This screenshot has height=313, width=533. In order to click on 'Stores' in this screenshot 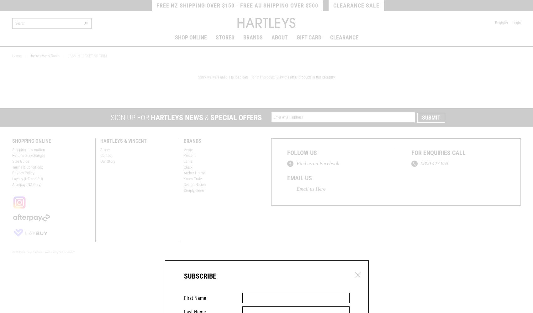, I will do `click(105, 149)`.